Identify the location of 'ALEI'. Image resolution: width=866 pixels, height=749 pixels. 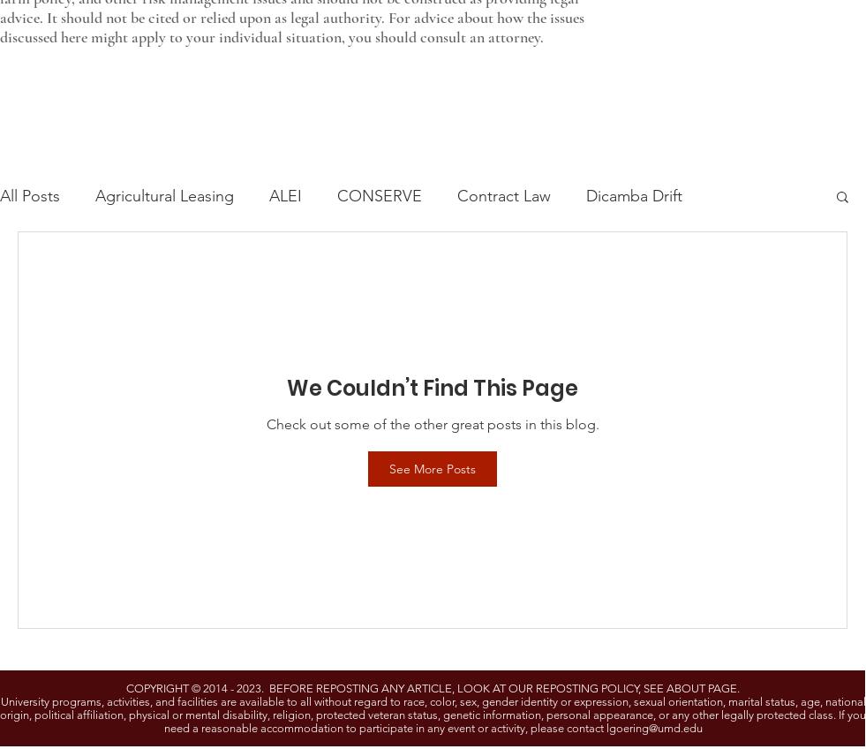
(284, 195).